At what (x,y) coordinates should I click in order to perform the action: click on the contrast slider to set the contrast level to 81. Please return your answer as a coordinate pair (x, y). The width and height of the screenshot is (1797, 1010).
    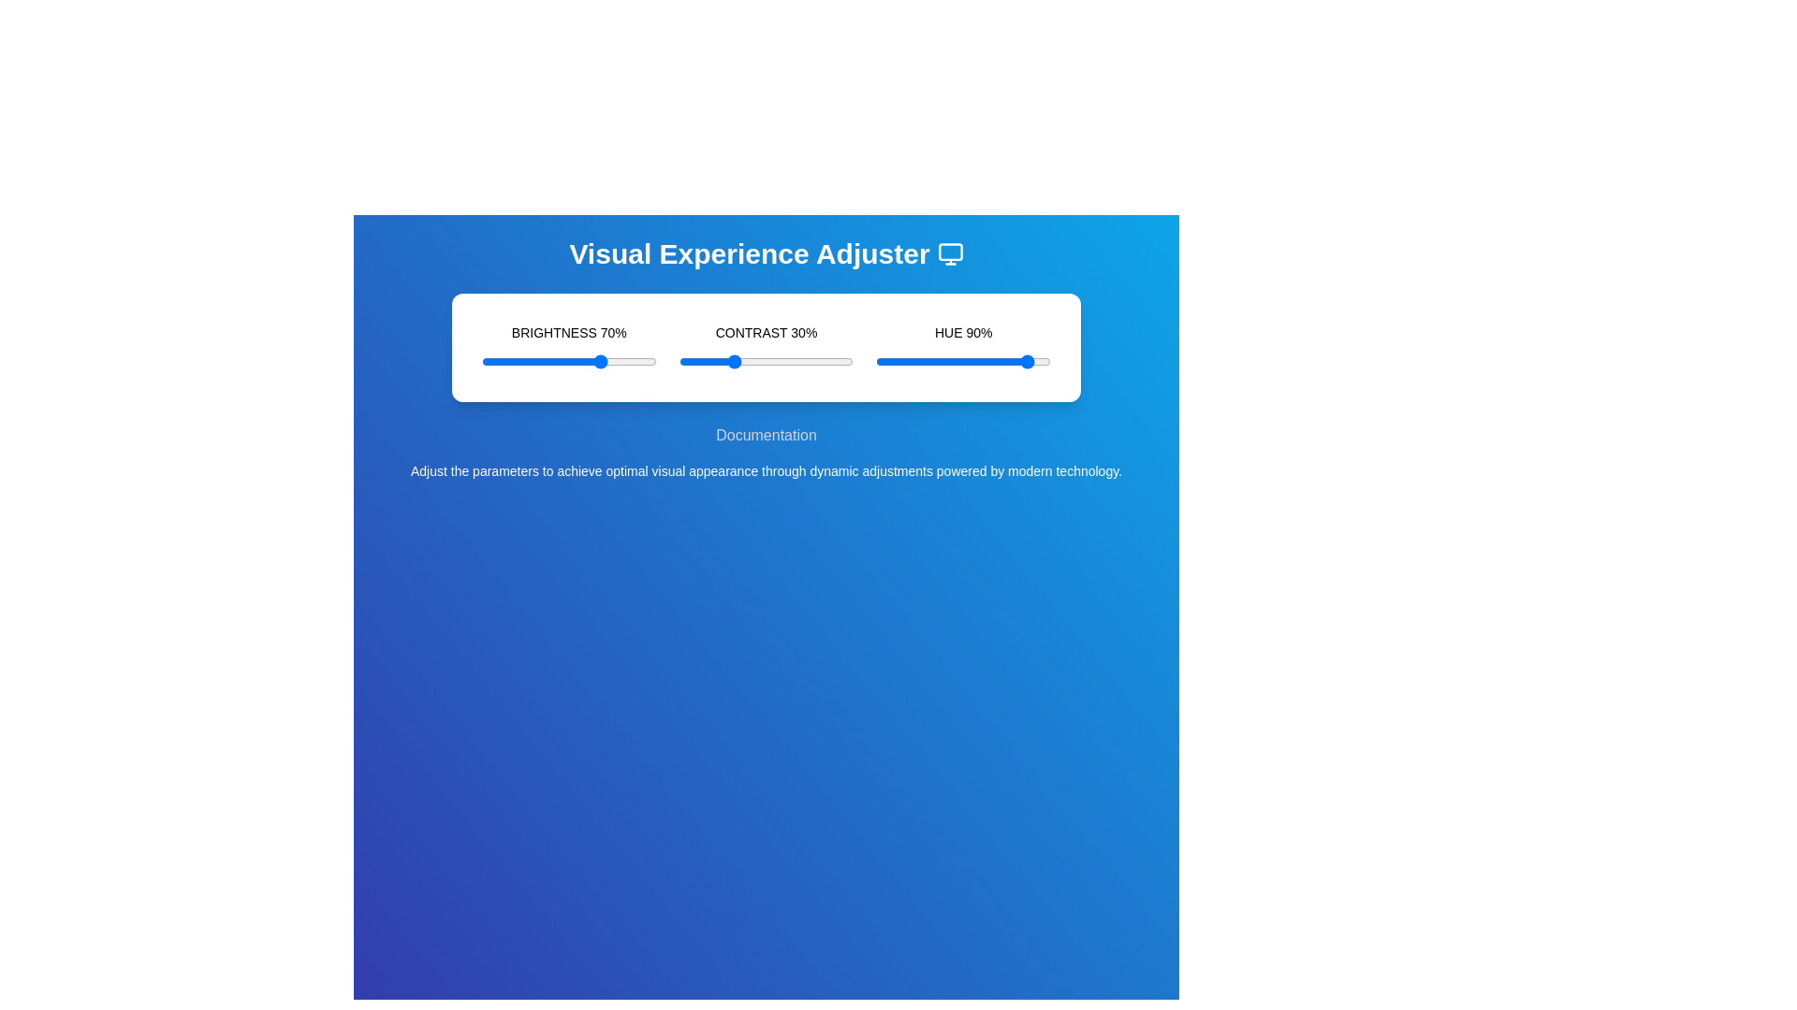
    Looking at the image, I should click on (820, 361).